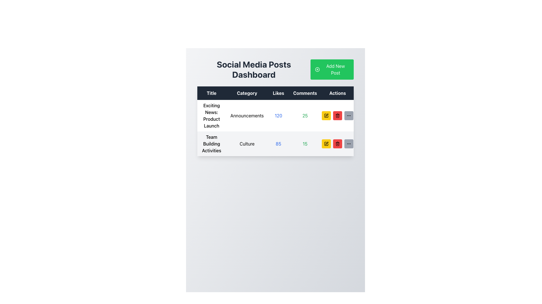  Describe the element at coordinates (326, 115) in the screenshot. I see `the edit icon within the 'Edit' button of the 'Team Building Activities' entry in the Actions column` at that location.